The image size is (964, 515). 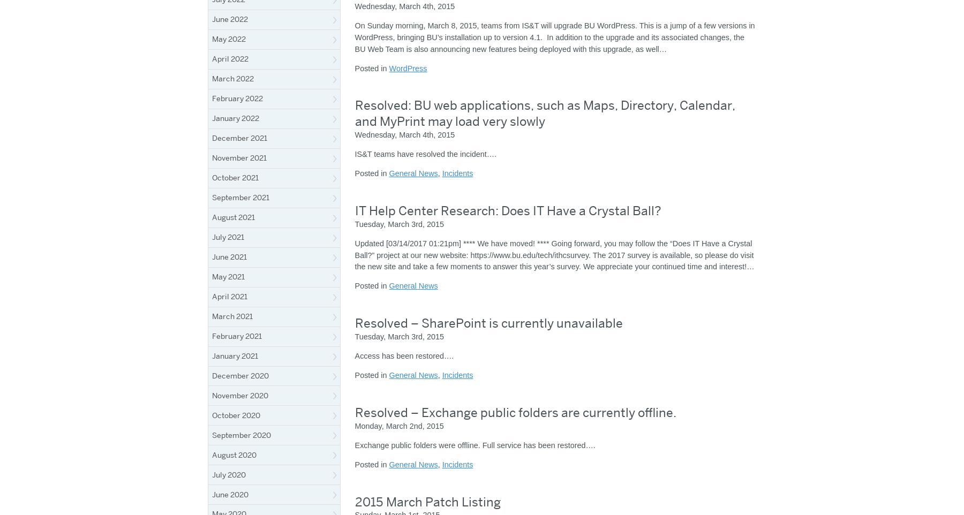 What do you see at coordinates (228, 237) in the screenshot?
I see `'July 2021'` at bounding box center [228, 237].